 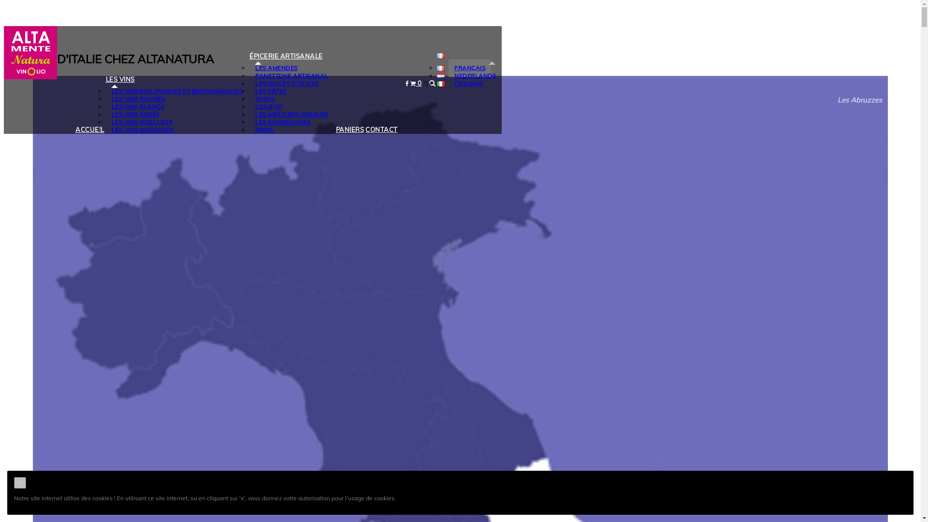 I want to click on 'LES AMENDES', so click(x=275, y=68).